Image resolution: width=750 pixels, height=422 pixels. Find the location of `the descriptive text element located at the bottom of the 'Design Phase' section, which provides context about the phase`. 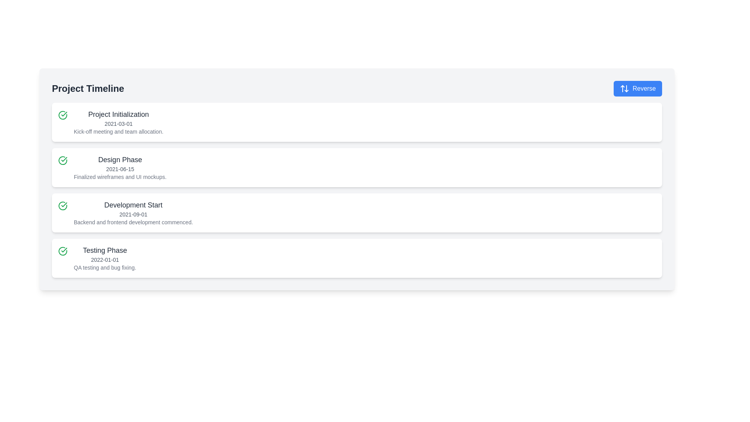

the descriptive text element located at the bottom of the 'Design Phase' section, which provides context about the phase is located at coordinates (120, 177).